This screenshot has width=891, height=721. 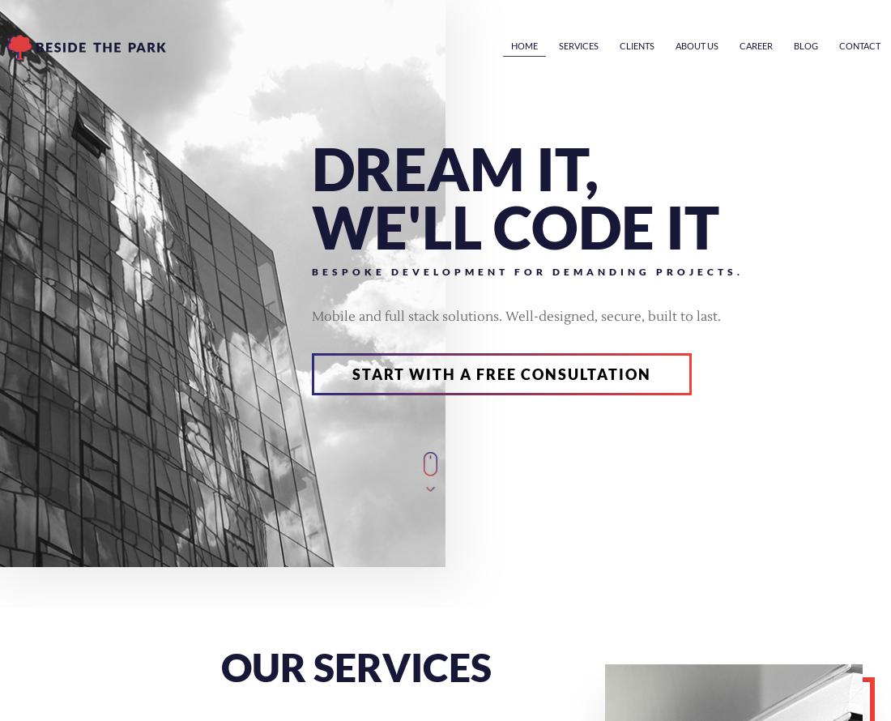 I want to click on 'Start with a free consultation', so click(x=352, y=373).